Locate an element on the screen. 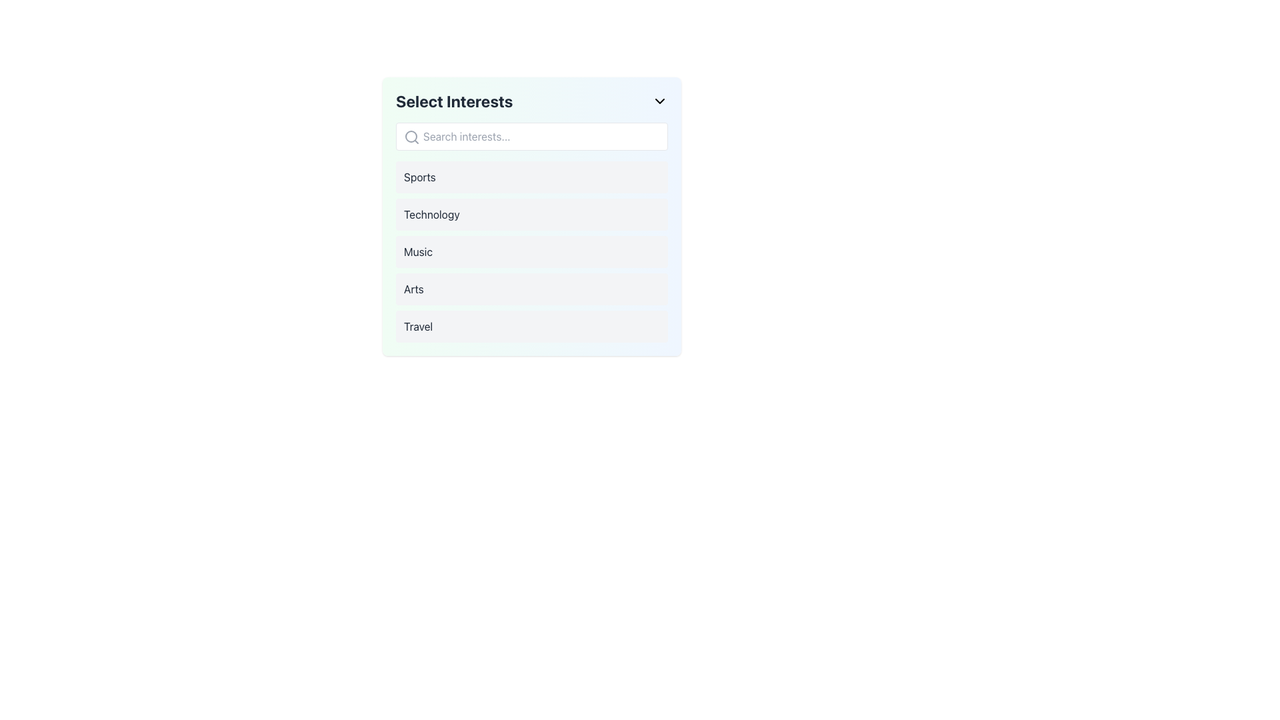 The image size is (1280, 720). label 'Music' which represents an interest option in the list under 'Select Interests' is located at coordinates (417, 252).